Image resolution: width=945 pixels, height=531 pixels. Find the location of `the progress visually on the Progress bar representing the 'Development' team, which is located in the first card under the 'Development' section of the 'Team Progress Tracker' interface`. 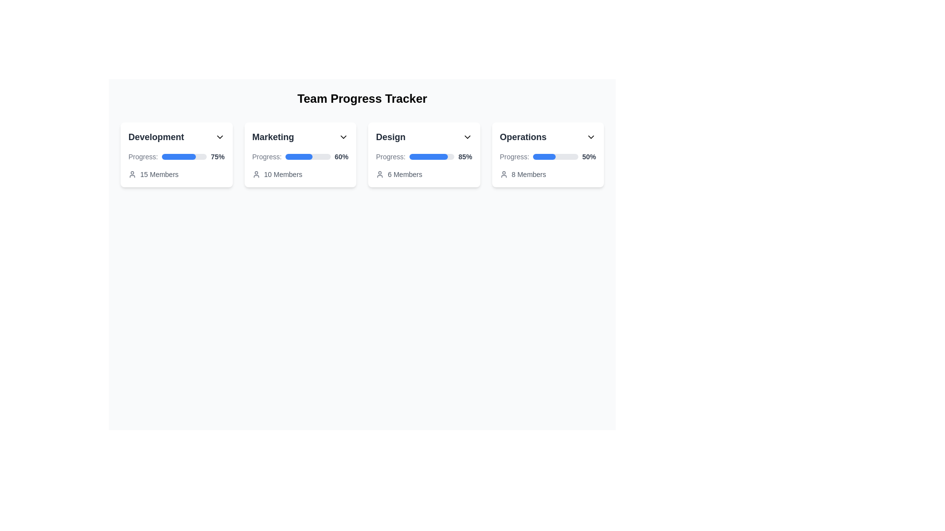

the progress visually on the Progress bar representing the 'Development' team, which is located in the first card under the 'Development' section of the 'Team Progress Tracker' interface is located at coordinates (179, 156).